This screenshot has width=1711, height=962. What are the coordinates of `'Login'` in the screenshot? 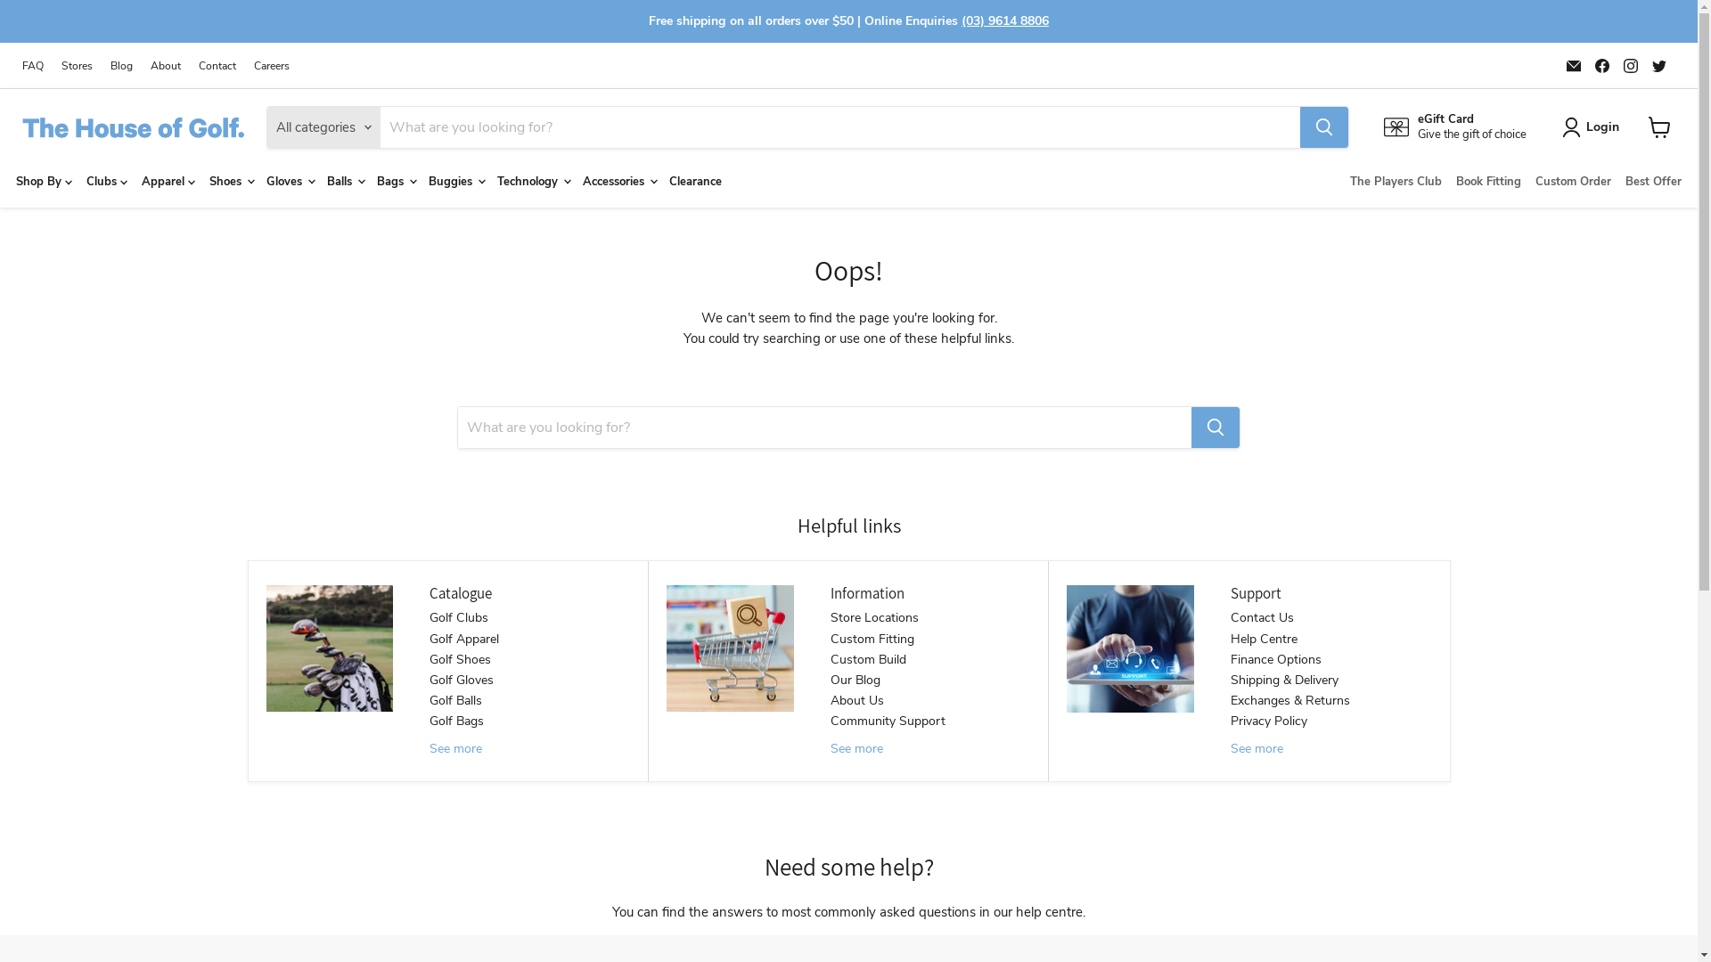 It's located at (1594, 126).